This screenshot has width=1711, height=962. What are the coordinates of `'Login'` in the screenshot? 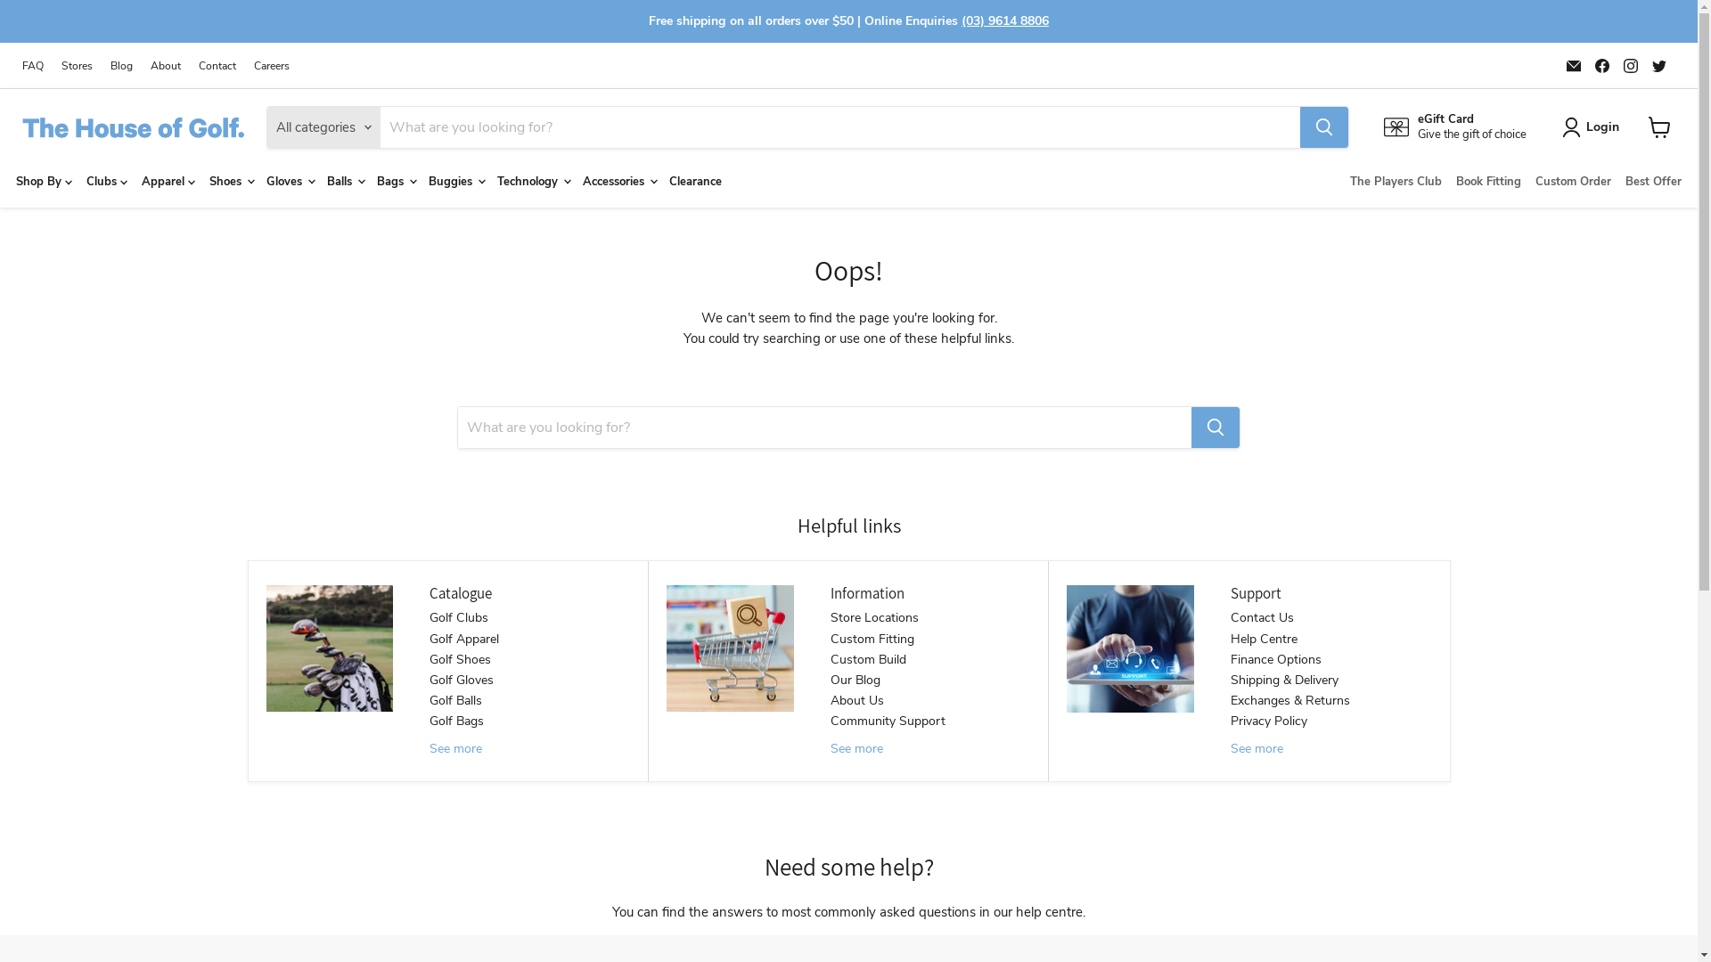 It's located at (1594, 126).